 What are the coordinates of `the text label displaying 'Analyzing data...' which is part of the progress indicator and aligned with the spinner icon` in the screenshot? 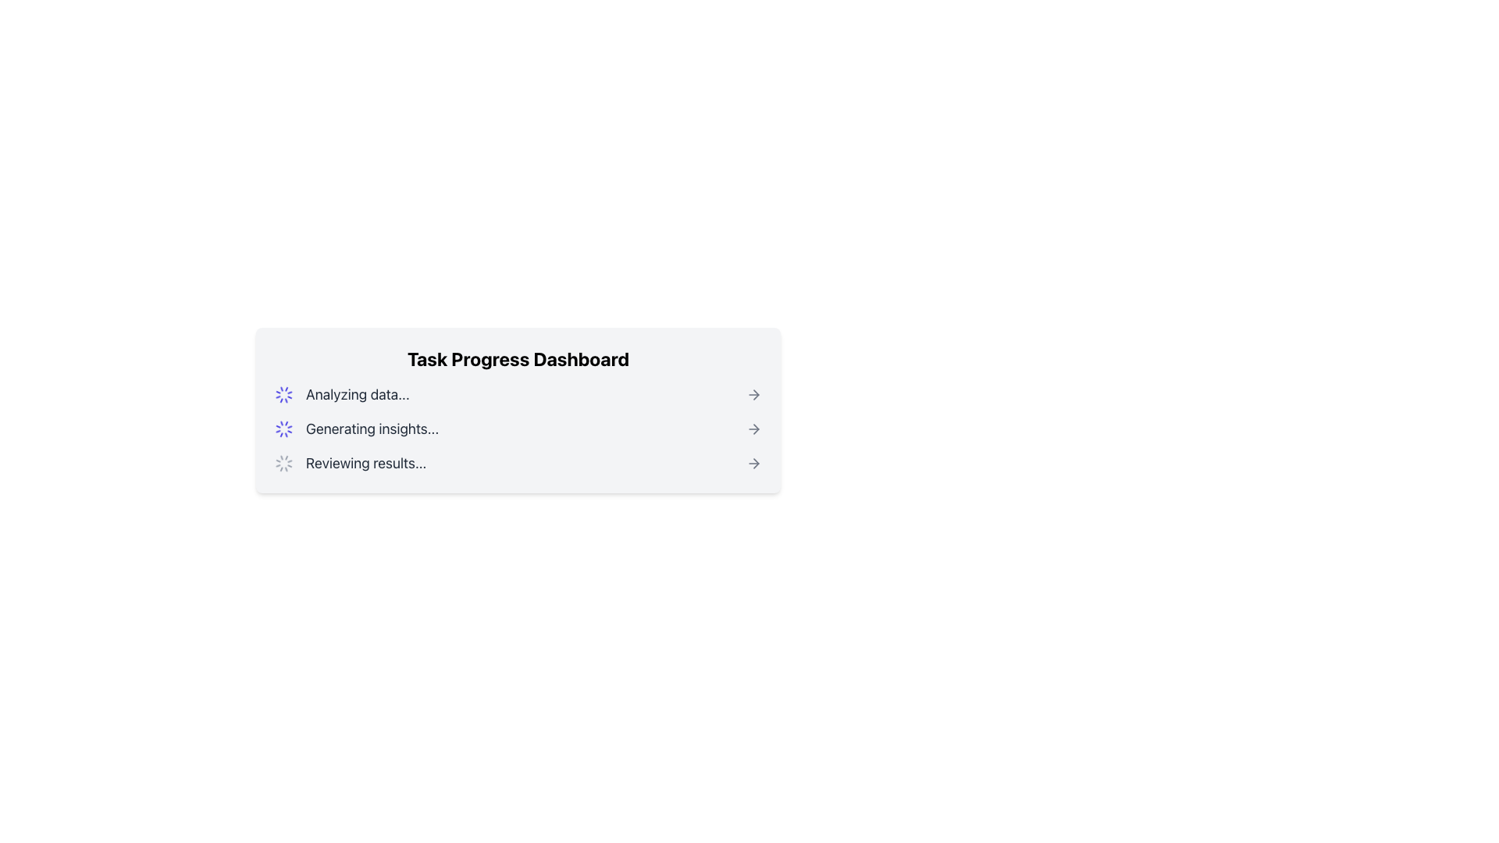 It's located at (357, 393).